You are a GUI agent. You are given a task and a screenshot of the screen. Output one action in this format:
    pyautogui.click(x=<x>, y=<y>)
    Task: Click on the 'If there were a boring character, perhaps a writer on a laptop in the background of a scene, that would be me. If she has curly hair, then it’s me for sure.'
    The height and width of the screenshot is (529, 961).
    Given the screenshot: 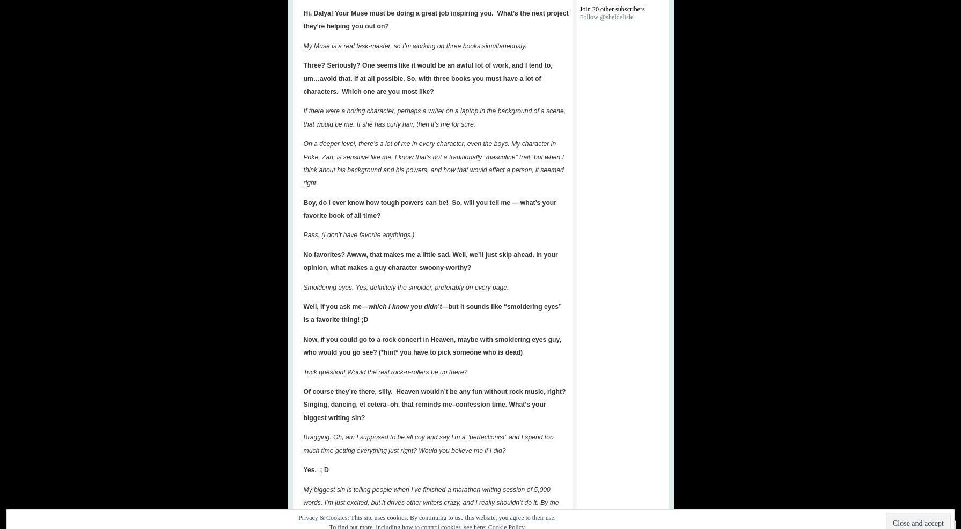 What is the action you would take?
    pyautogui.click(x=434, y=116)
    